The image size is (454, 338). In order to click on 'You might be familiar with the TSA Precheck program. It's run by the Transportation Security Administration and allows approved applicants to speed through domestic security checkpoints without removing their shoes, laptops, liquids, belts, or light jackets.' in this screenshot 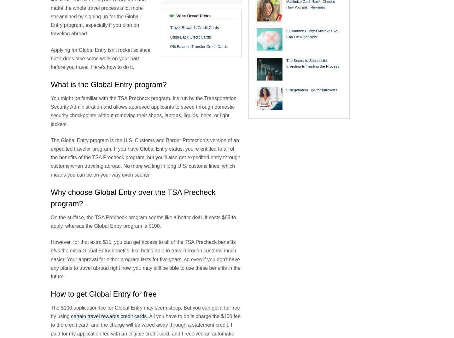, I will do `click(143, 111)`.